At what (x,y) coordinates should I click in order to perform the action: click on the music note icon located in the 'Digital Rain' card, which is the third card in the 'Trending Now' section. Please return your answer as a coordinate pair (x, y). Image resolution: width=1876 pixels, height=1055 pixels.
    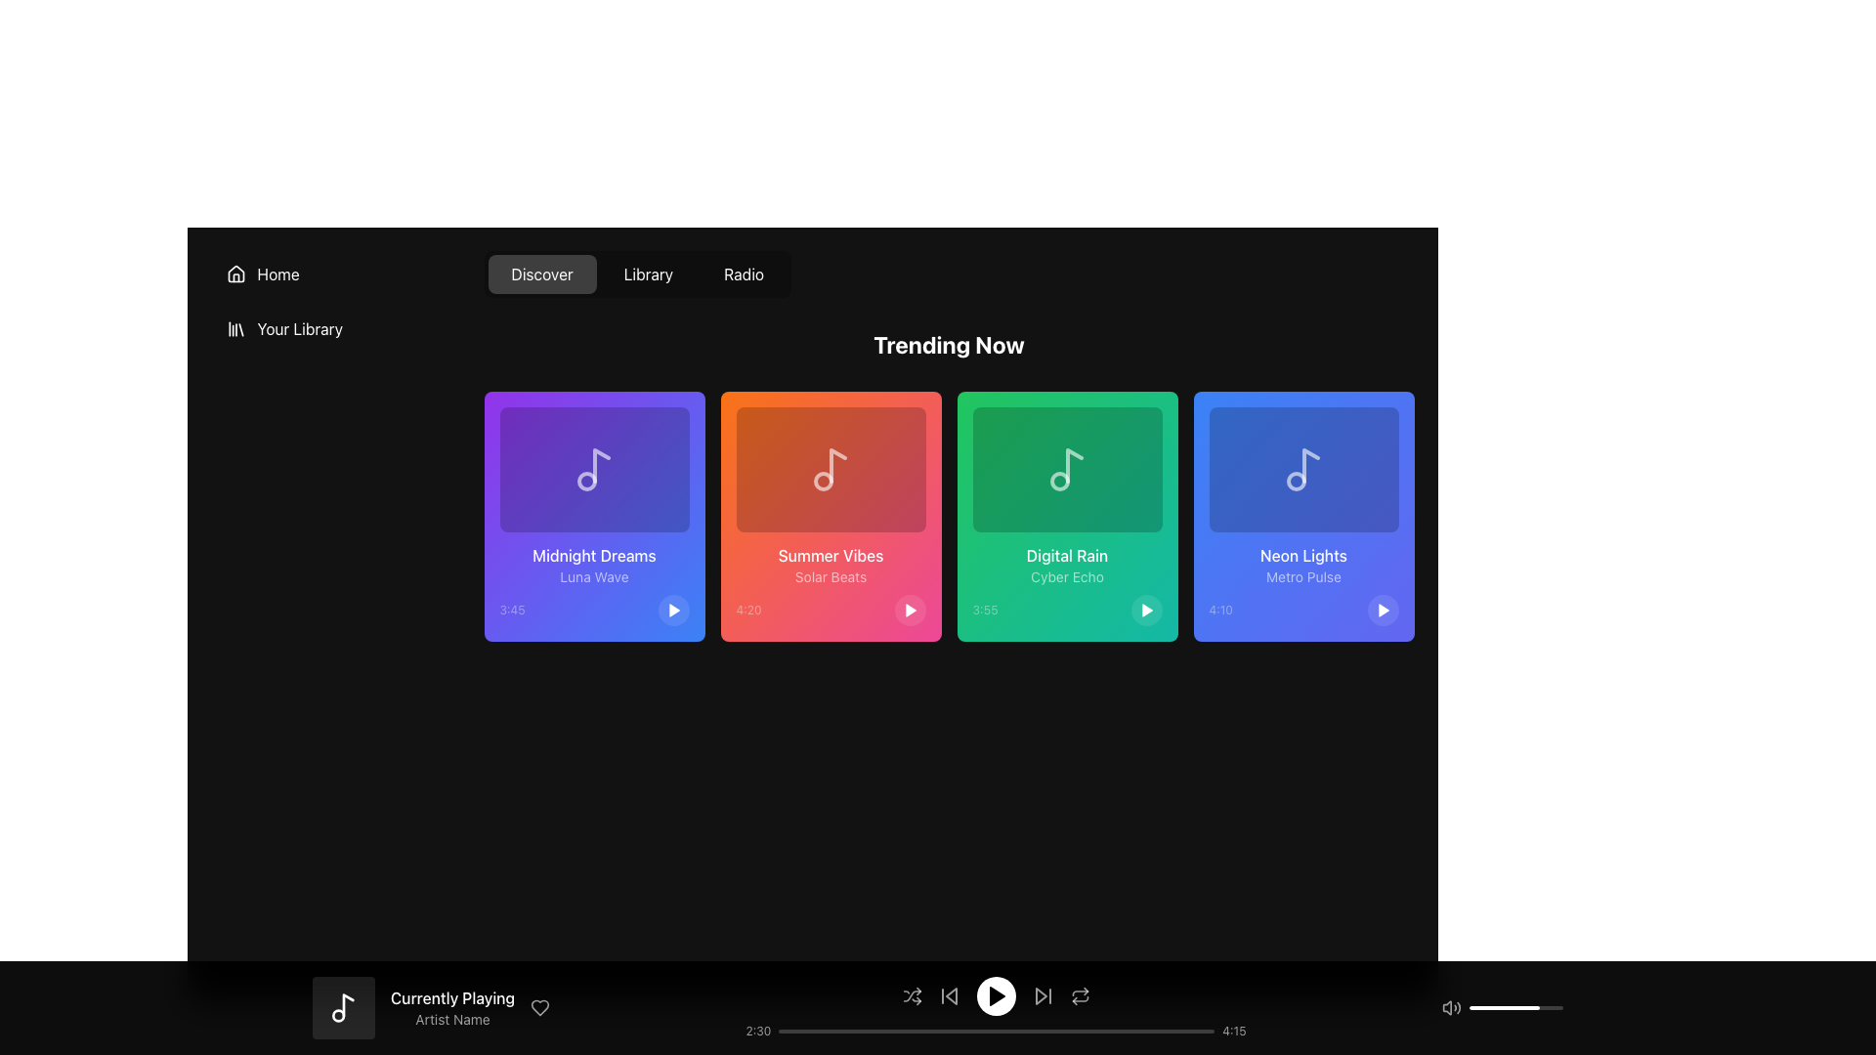
    Looking at the image, I should click on (1066, 470).